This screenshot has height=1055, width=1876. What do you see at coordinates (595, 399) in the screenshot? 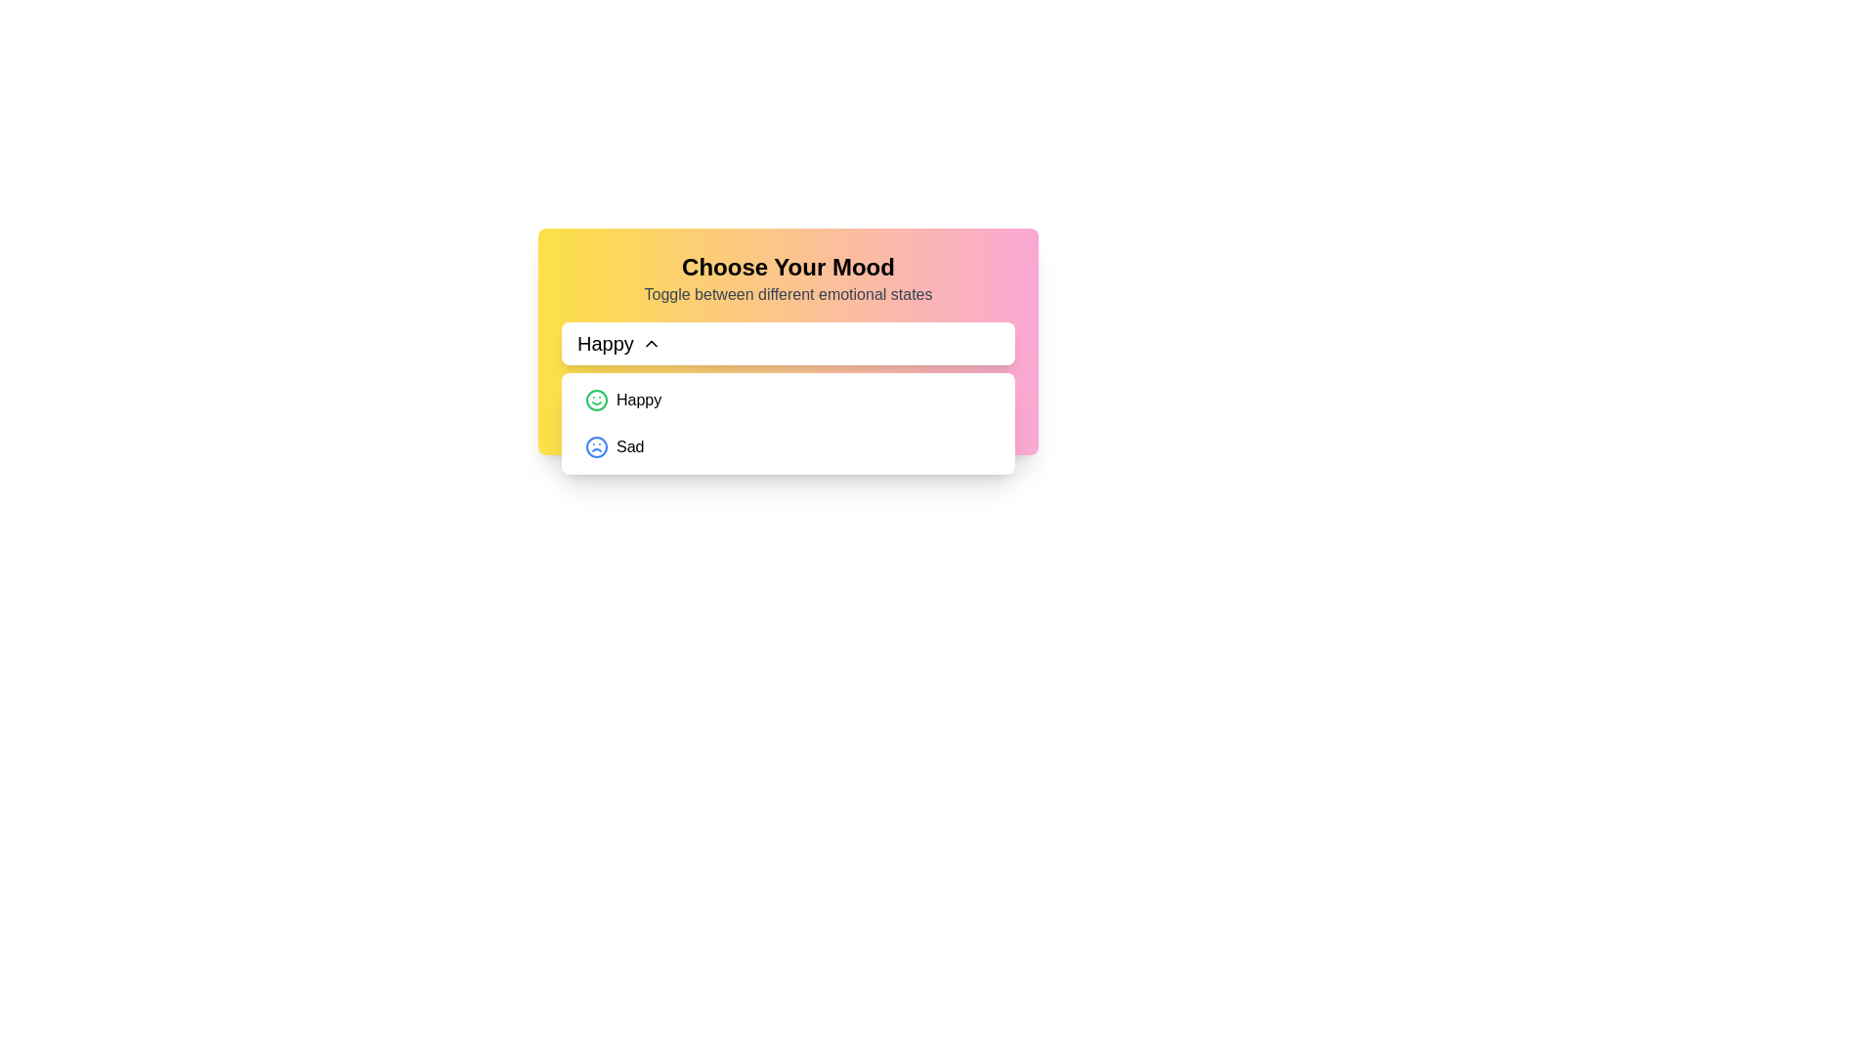
I see `the 'Happy' mood icon graphic, which visually represents a smiling face in the mood selector interface` at bounding box center [595, 399].